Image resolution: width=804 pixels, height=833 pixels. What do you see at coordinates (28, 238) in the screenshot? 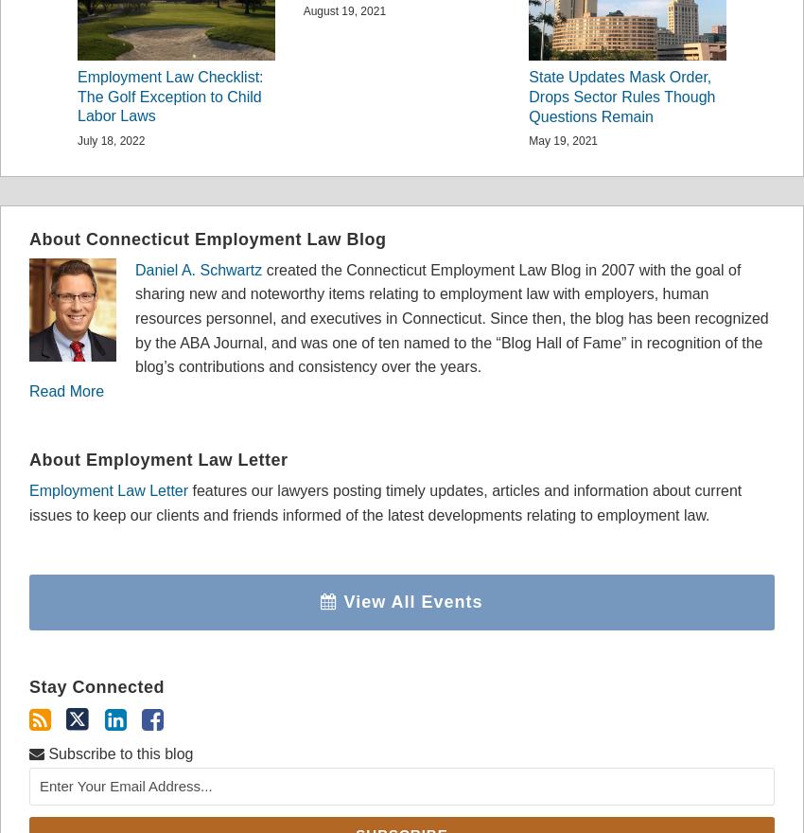
I see `'About Connecticut Employment Law Blog'` at bounding box center [28, 238].